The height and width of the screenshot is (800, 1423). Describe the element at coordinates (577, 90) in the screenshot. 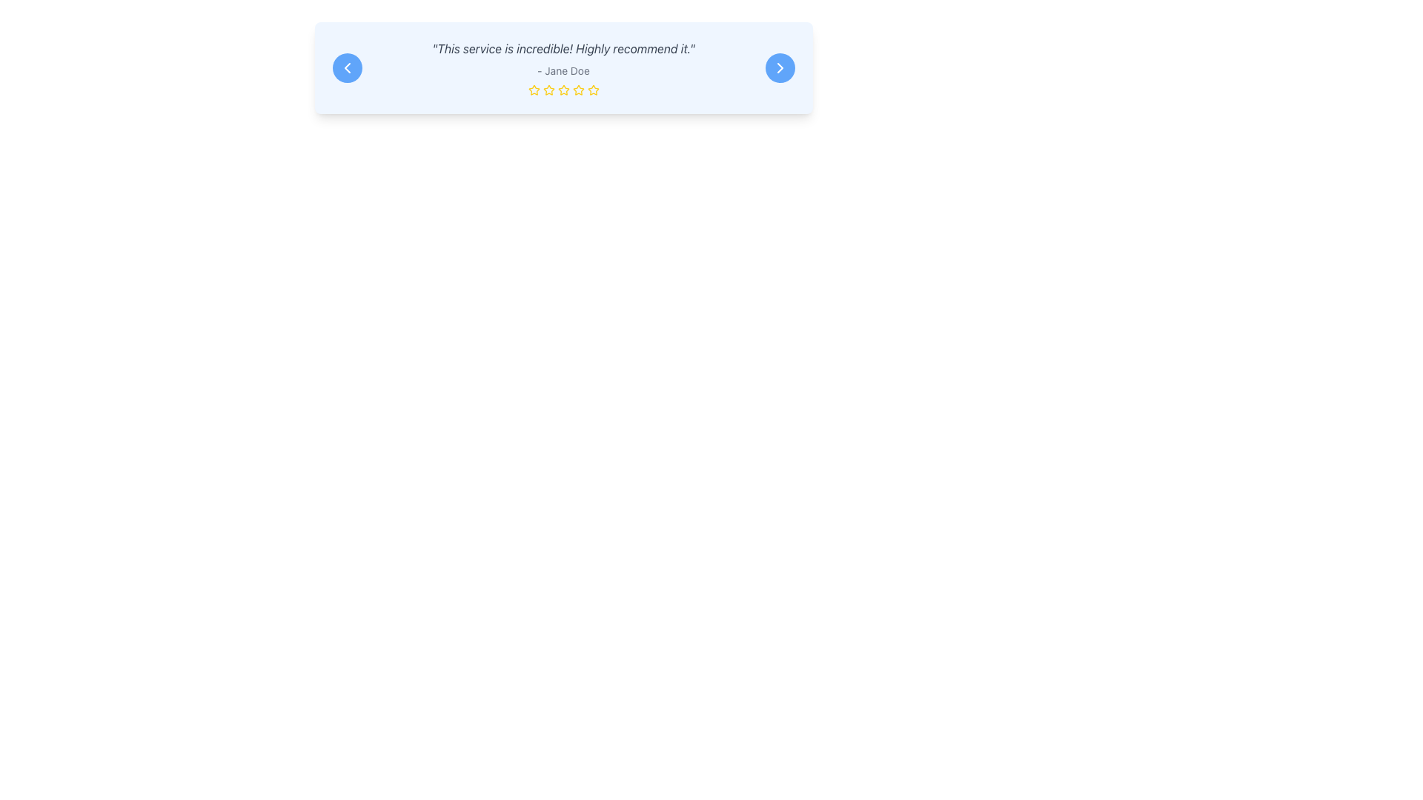

I see `the fourth star icon` at that location.